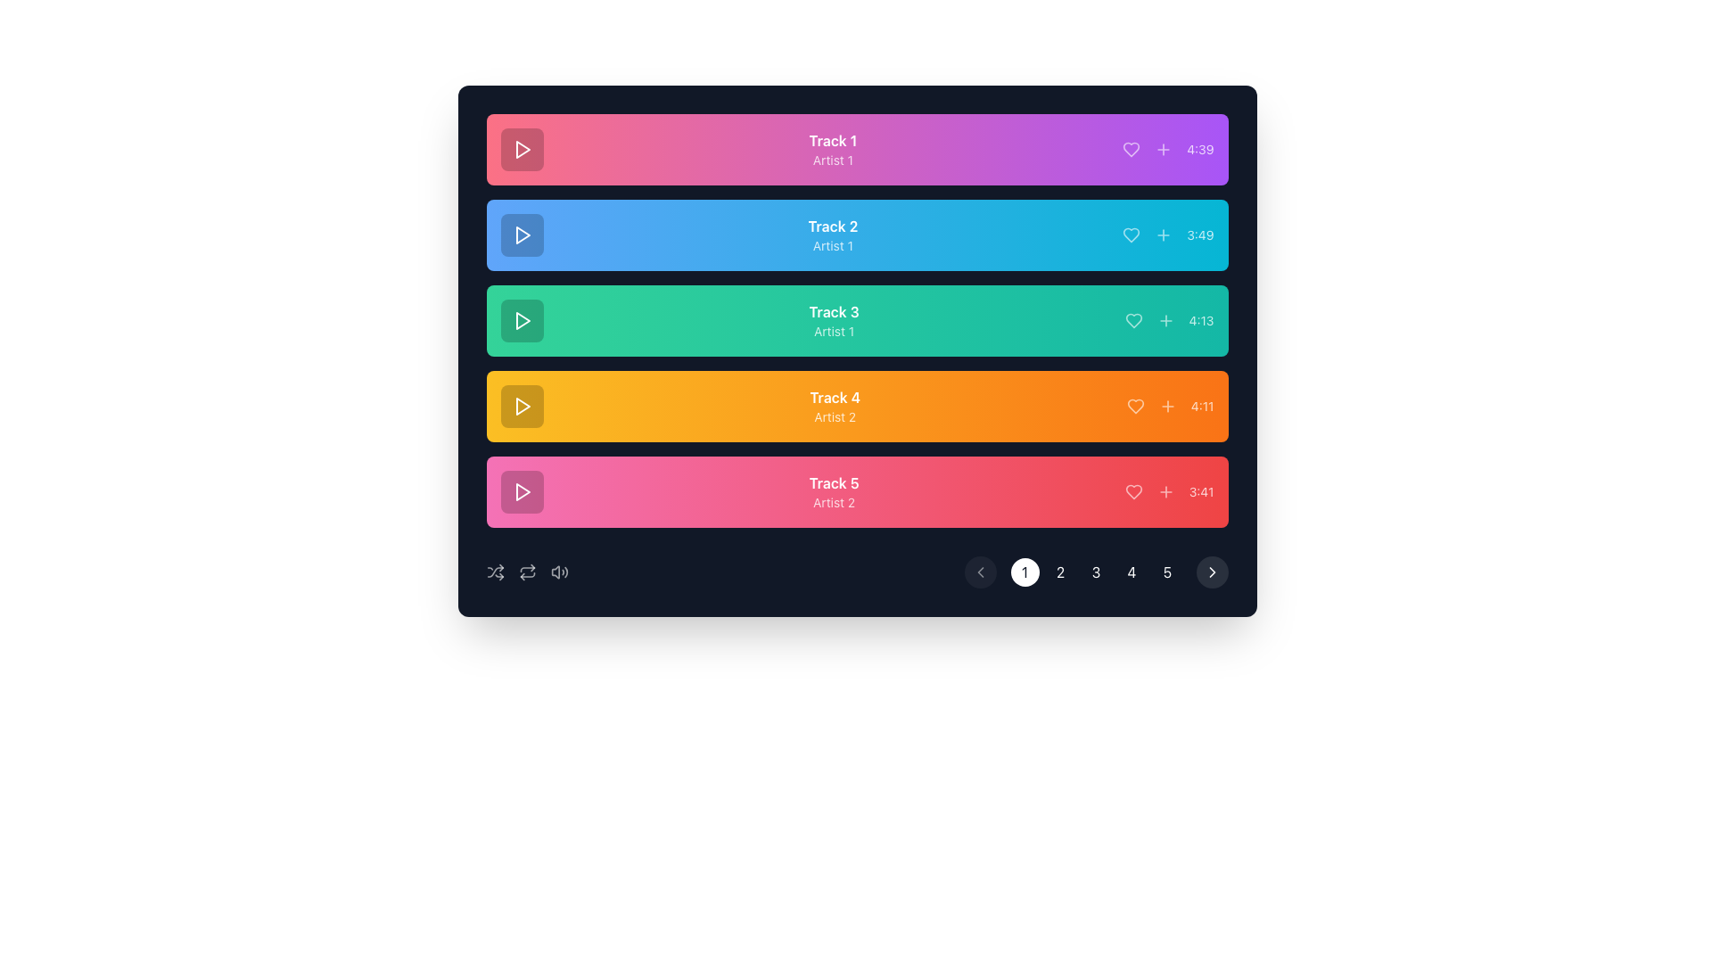 This screenshot has width=1712, height=963. I want to click on the circular play button located on the left side of the row for 'Track 1', which has a transparent black overlay and a pink gradient background, to play the track, so click(521, 149).